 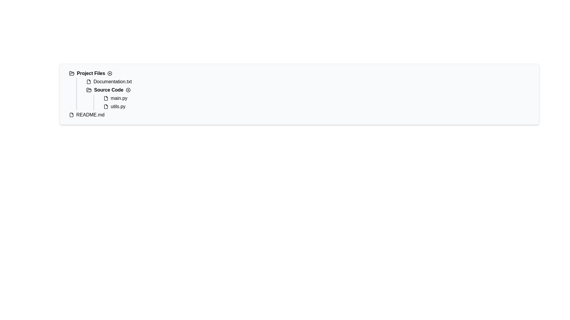 What do you see at coordinates (88, 82) in the screenshot?
I see `the generic file icon representing 'Documentation.txt'` at bounding box center [88, 82].